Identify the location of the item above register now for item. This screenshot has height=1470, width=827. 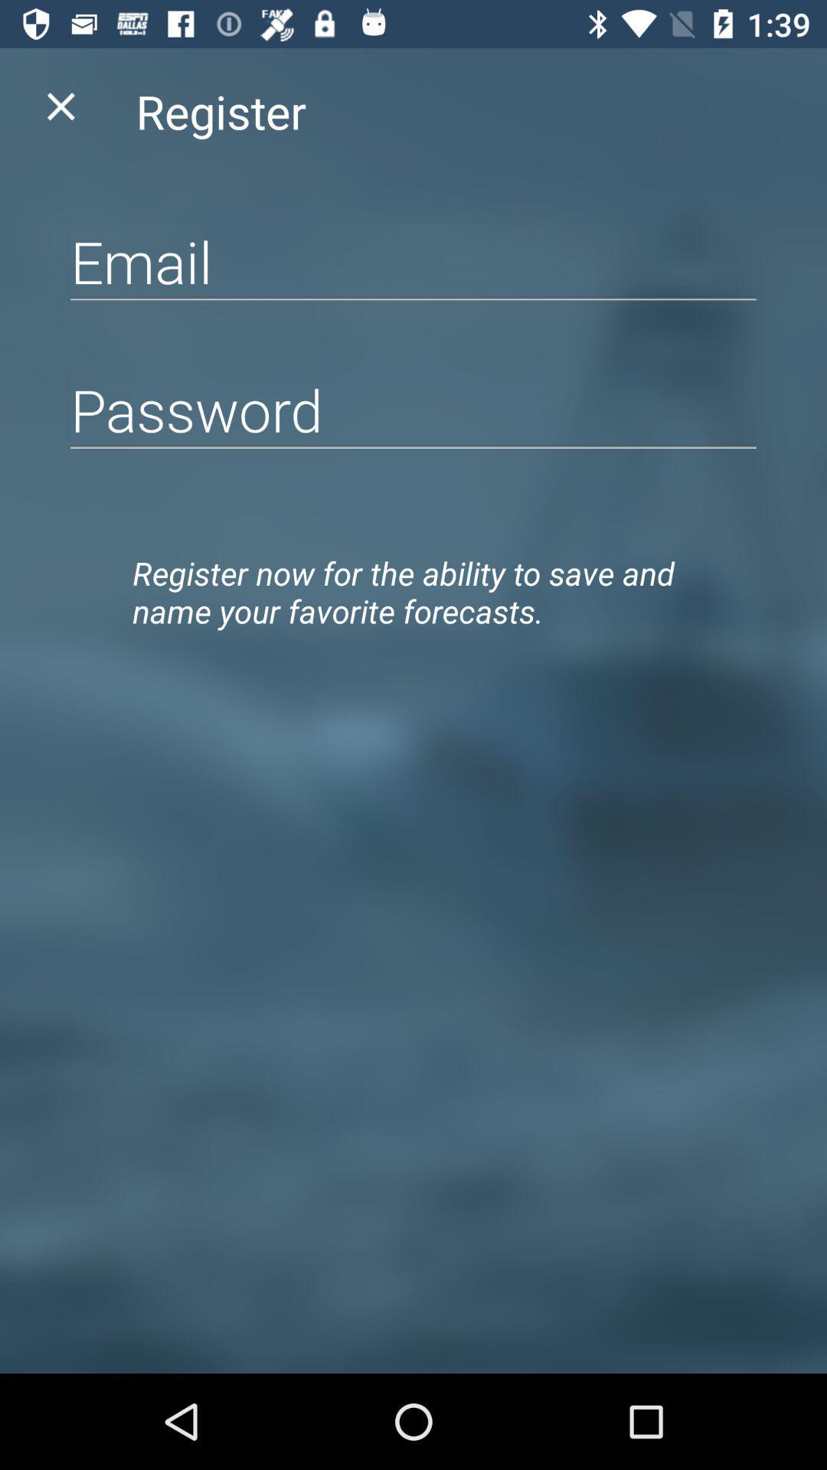
(413, 410).